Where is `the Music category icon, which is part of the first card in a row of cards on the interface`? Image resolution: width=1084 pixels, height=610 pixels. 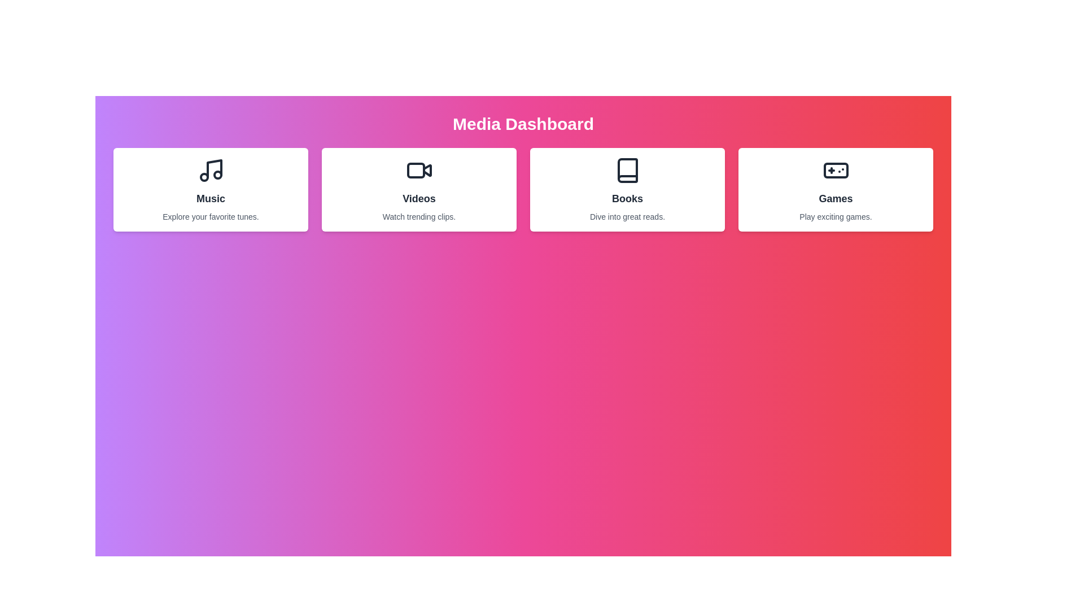 the Music category icon, which is part of the first card in a row of cards on the interface is located at coordinates (211, 170).